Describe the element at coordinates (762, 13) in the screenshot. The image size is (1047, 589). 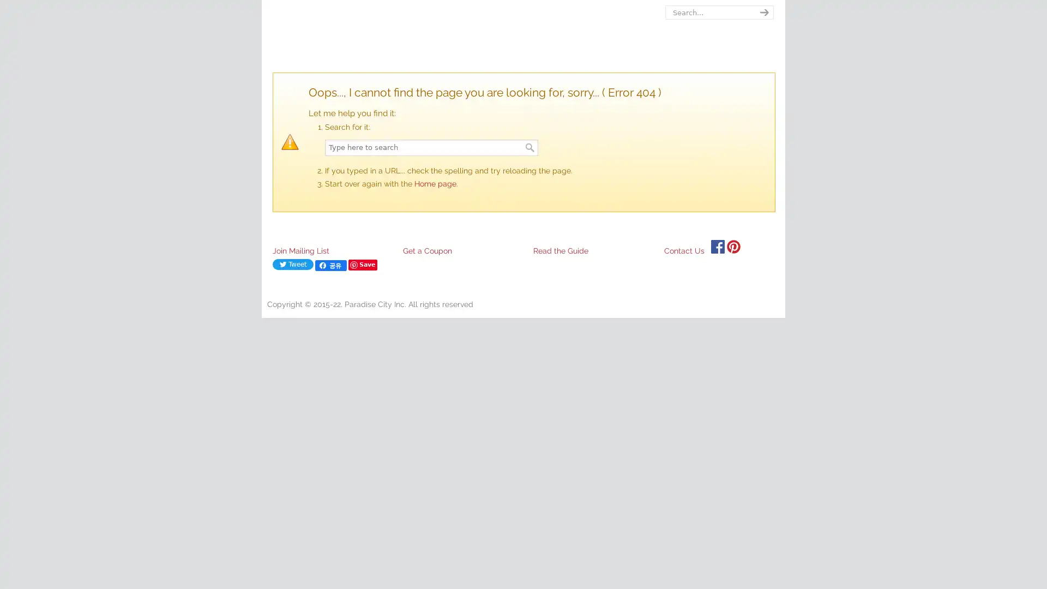
I see `search` at that location.